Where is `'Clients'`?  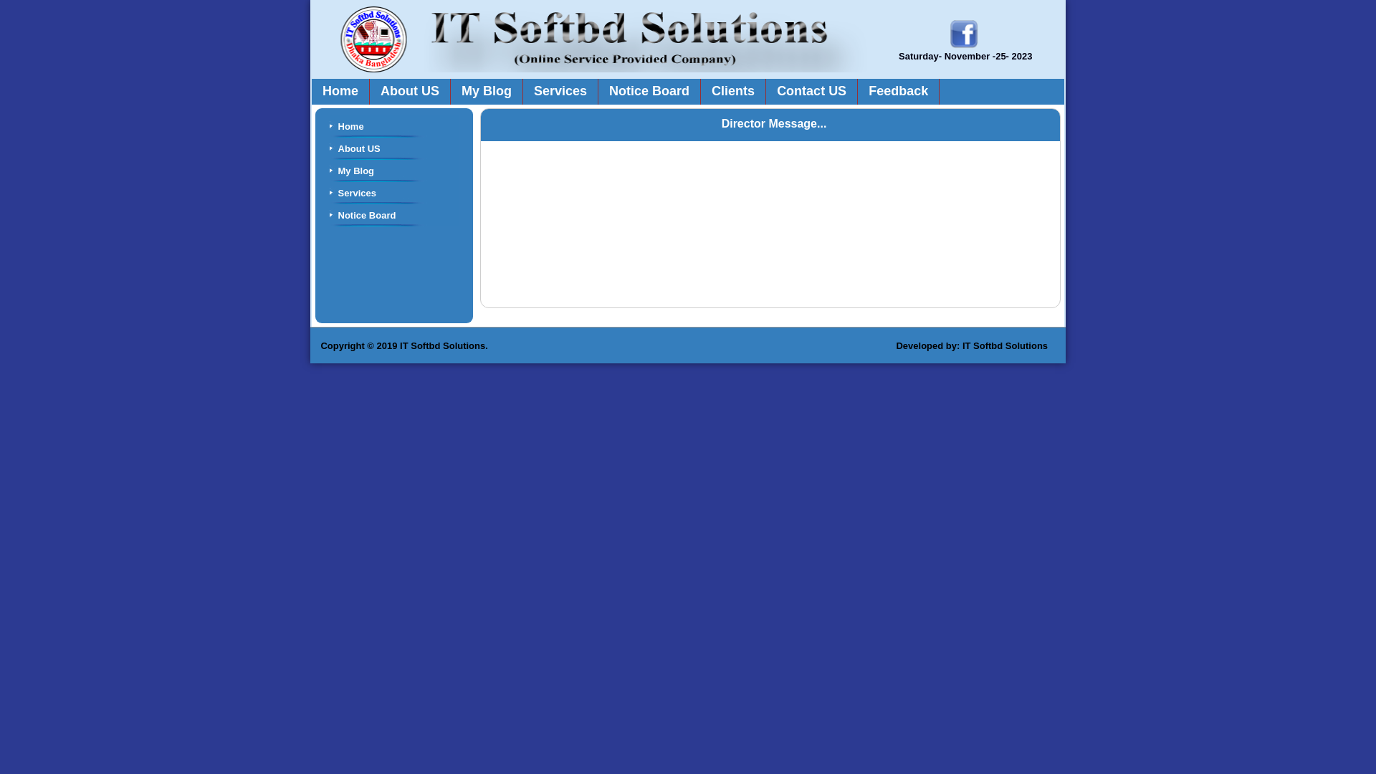 'Clients' is located at coordinates (733, 91).